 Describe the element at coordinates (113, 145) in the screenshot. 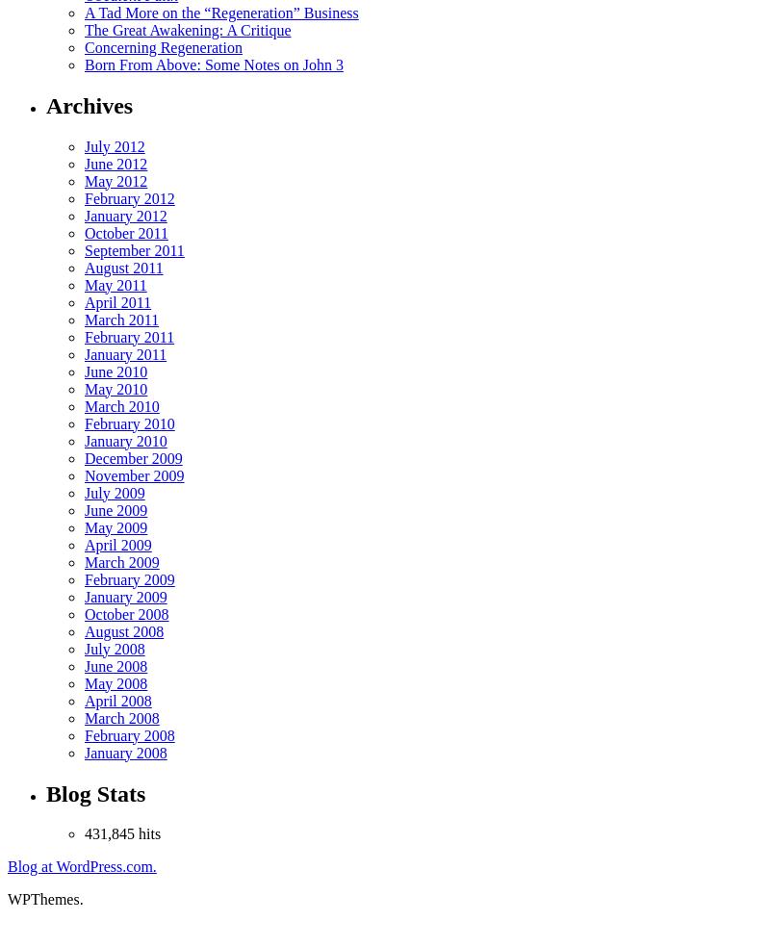

I see `'July 2012'` at that location.